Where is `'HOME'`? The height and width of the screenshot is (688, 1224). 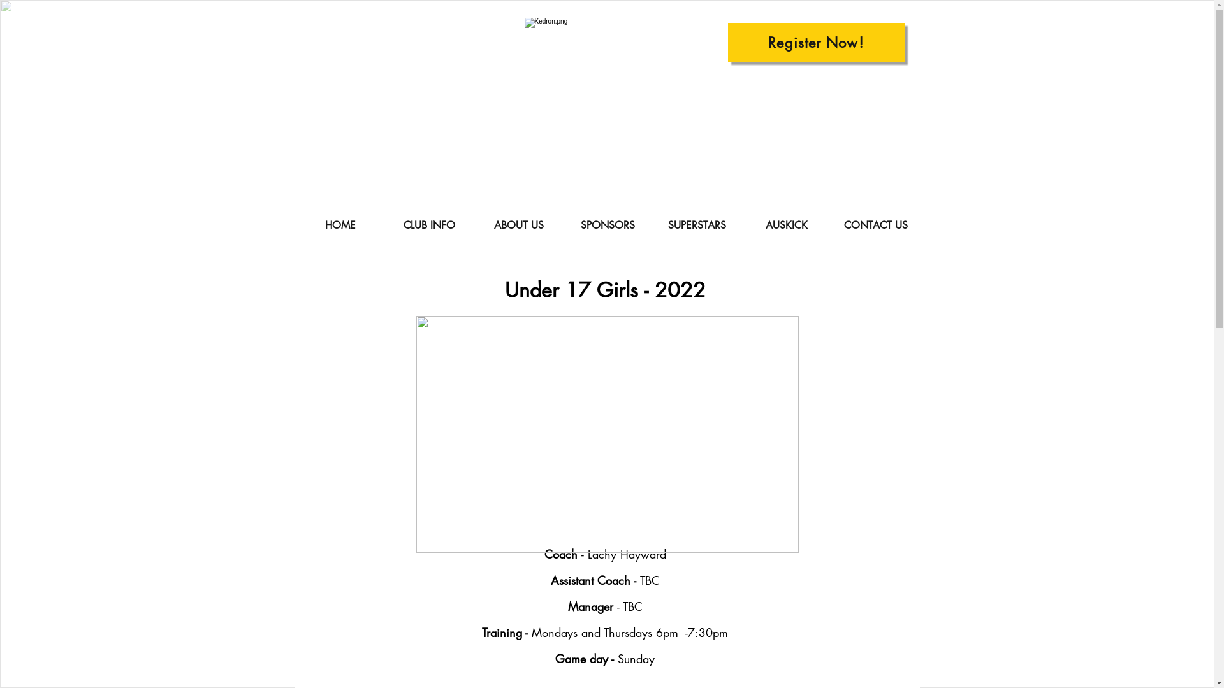 'HOME' is located at coordinates (340, 225).